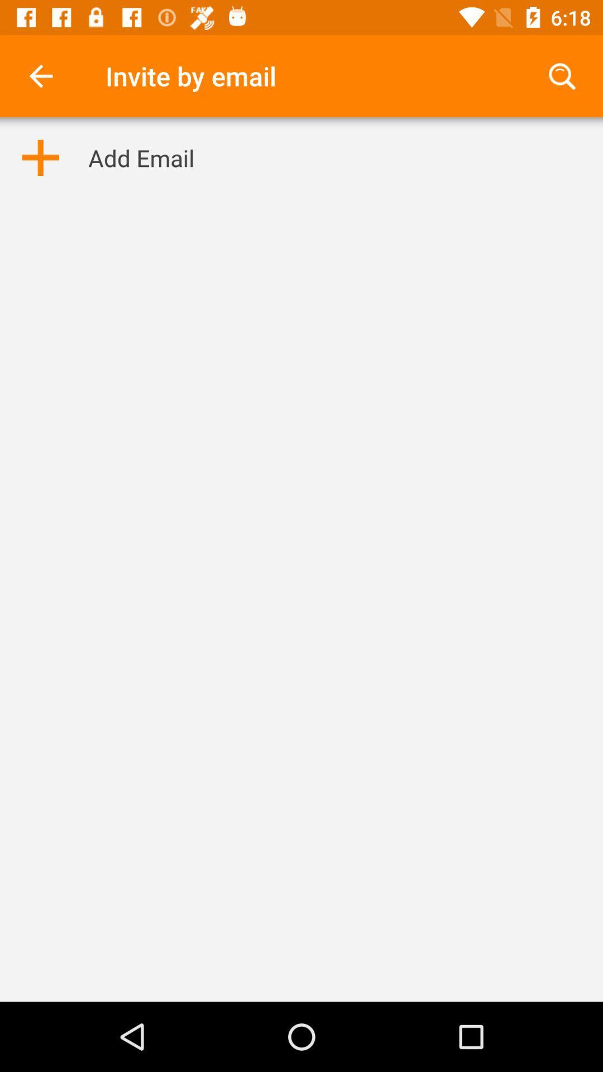 This screenshot has height=1072, width=603. Describe the element at coordinates (562, 75) in the screenshot. I see `the item to the right of invite by email icon` at that location.